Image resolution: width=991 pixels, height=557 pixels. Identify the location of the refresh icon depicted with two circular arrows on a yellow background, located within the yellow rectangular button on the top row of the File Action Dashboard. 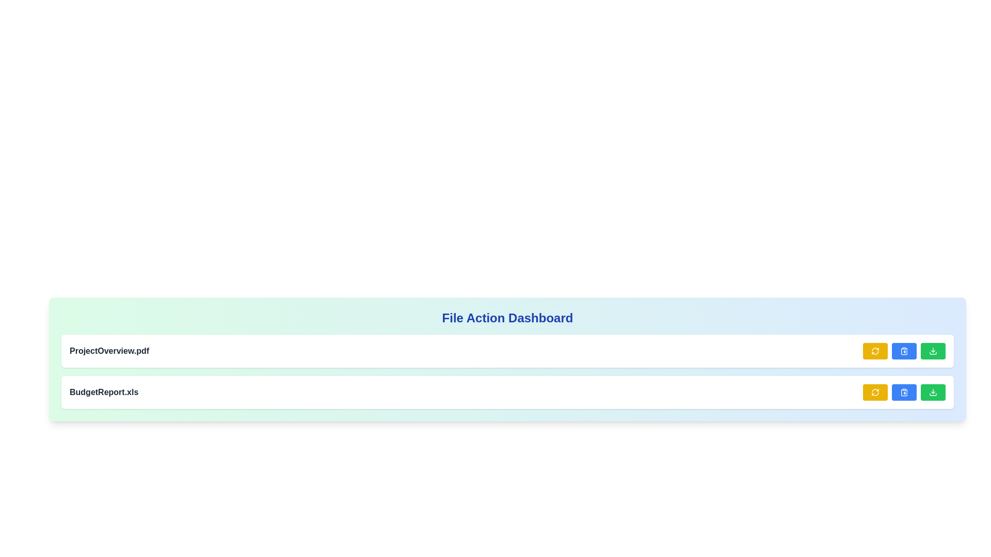
(874, 351).